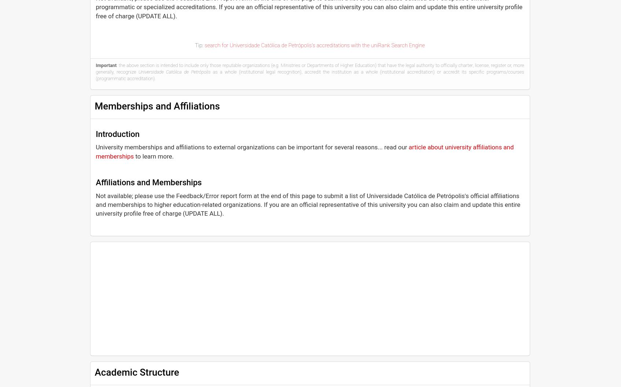 The width and height of the screenshot is (621, 387). Describe the element at coordinates (310, 68) in the screenshot. I see `': the above section is intended to include only those reputable organizations (e.g. Ministries or Departments of Higher Education) that have the legal authority to officially charter, license, register or, more generally, recognize'` at that location.